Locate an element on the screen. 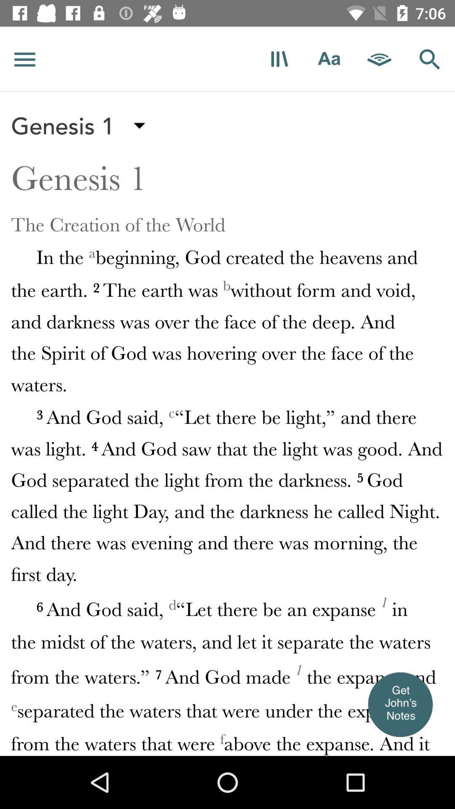 This screenshot has height=809, width=455. notes is located at coordinates (399, 704).